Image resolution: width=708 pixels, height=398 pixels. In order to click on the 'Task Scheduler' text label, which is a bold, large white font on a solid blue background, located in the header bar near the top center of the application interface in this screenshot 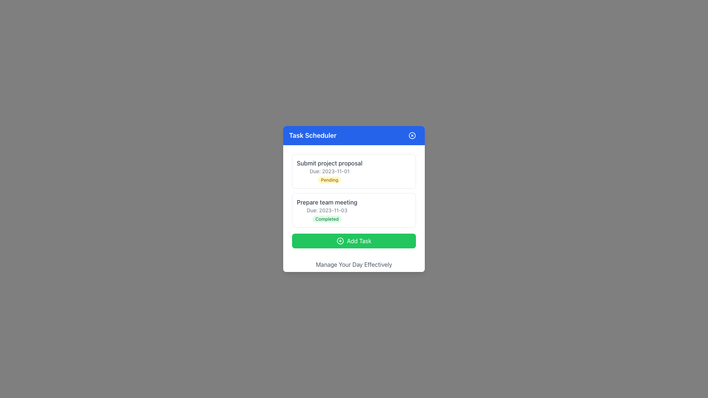, I will do `click(313, 135)`.